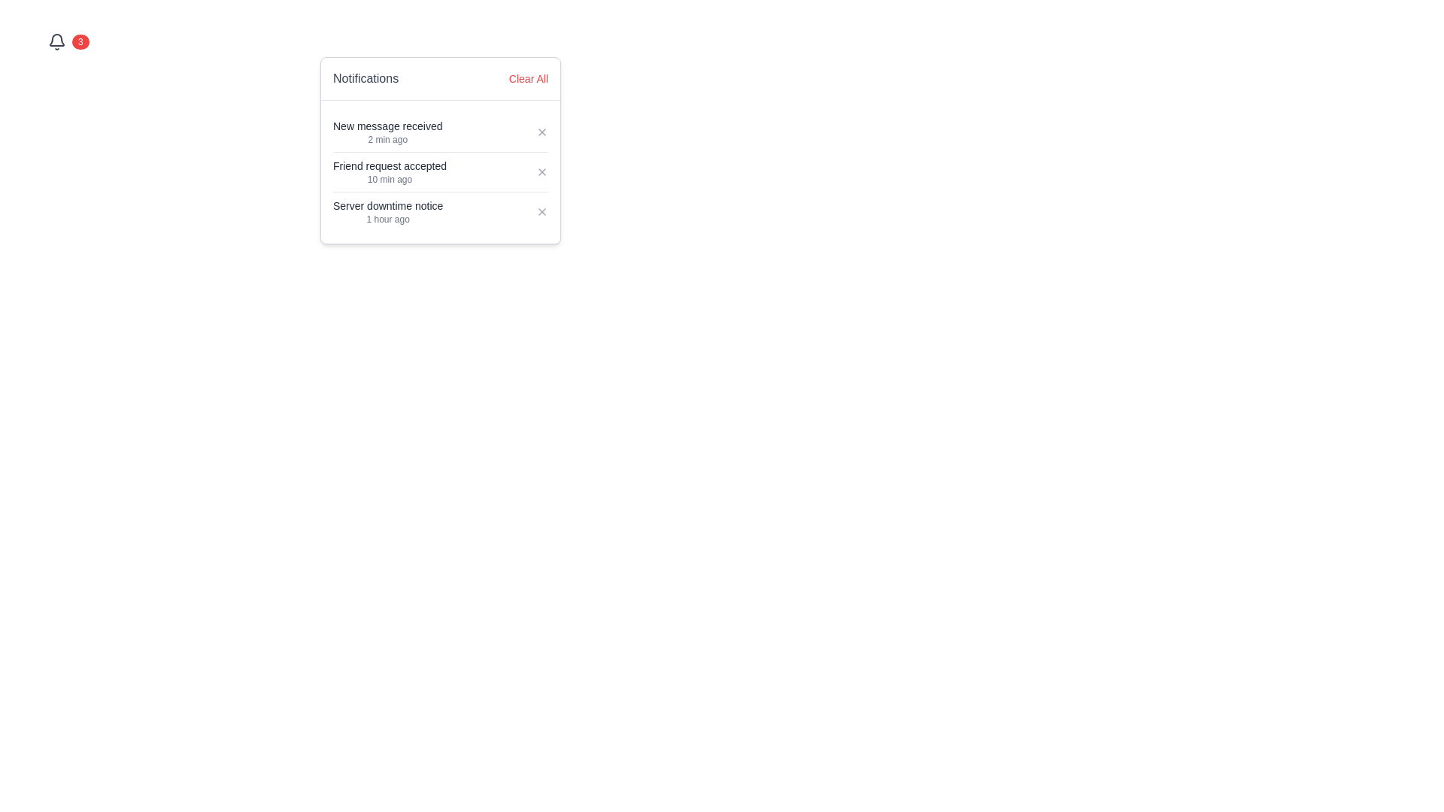 The width and height of the screenshot is (1444, 812). What do you see at coordinates (541, 211) in the screenshot?
I see `the dismiss button for the 'Server downtime notice' notification, which is located on the far right side of its row in the notifications dropdown panel` at bounding box center [541, 211].